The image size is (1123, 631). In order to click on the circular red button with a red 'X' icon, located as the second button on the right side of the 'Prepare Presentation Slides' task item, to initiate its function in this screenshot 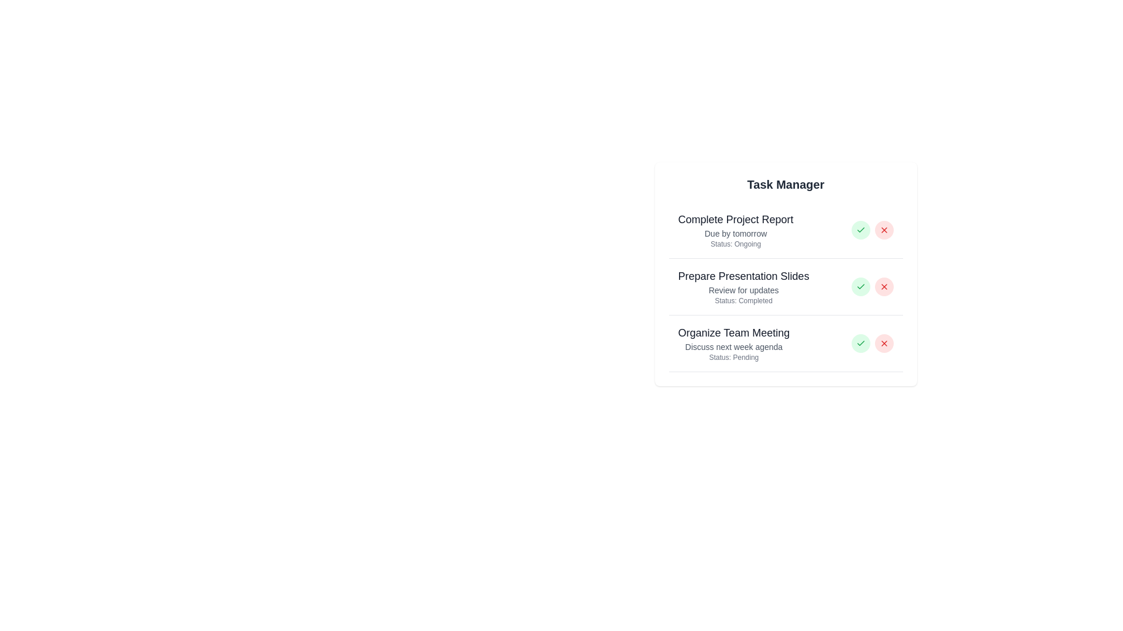, I will do `click(884, 286)`.